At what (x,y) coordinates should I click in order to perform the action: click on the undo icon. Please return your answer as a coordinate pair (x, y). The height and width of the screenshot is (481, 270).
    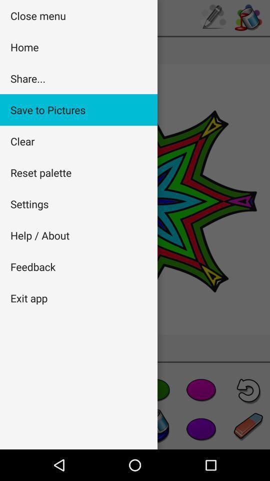
    Looking at the image, I should click on (248, 390).